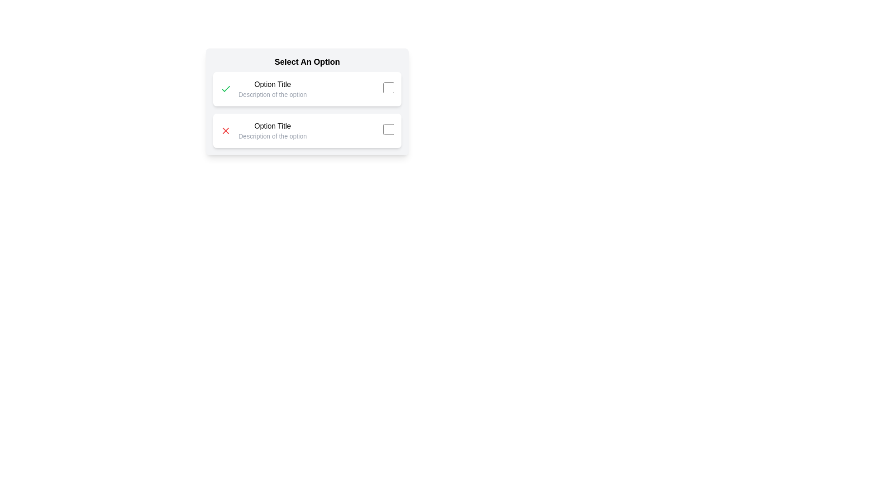 The image size is (869, 489). I want to click on the Text label that serves as a title or heading for the options listed below, positioned at the top of a panel containing selectable items, so click(307, 62).